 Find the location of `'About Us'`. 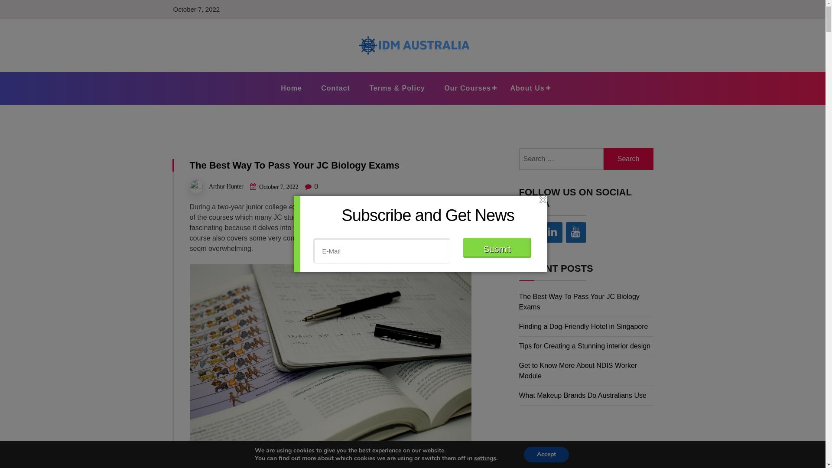

'About Us' is located at coordinates (527, 88).